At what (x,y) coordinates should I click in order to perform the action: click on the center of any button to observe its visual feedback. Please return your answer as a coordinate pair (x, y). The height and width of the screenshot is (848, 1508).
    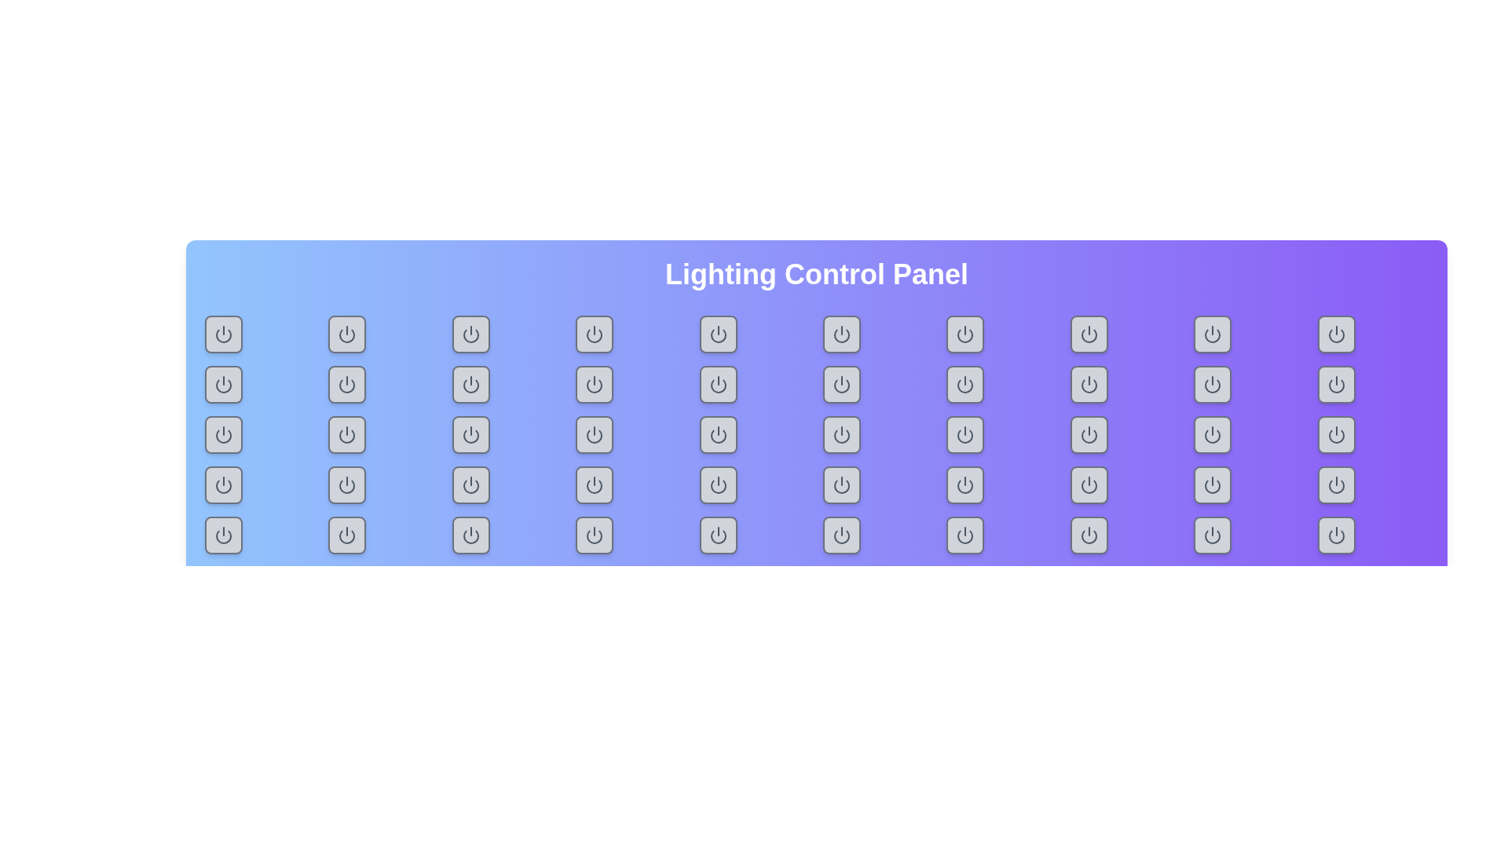
    Looking at the image, I should click on (222, 333).